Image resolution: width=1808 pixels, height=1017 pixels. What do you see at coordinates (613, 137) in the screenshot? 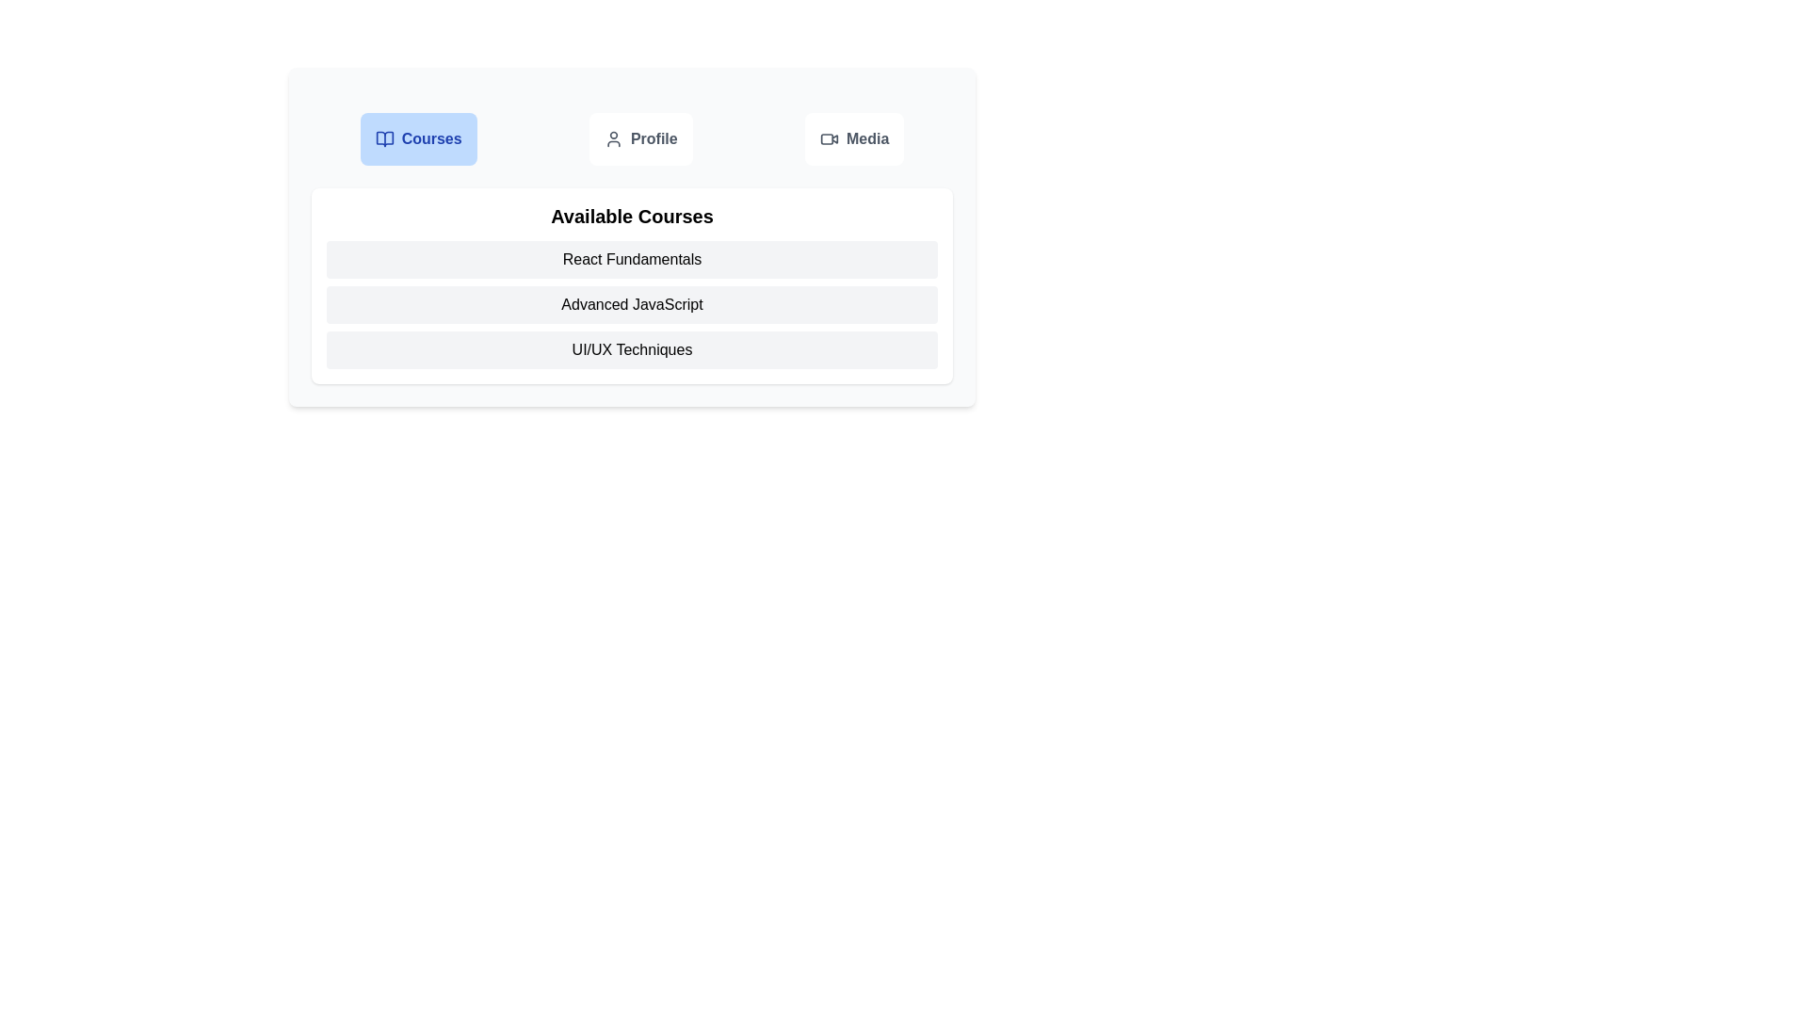
I see `the profile SVG icon, which is located to the left of the 'Profile' text label within the 'Profile' component` at bounding box center [613, 137].